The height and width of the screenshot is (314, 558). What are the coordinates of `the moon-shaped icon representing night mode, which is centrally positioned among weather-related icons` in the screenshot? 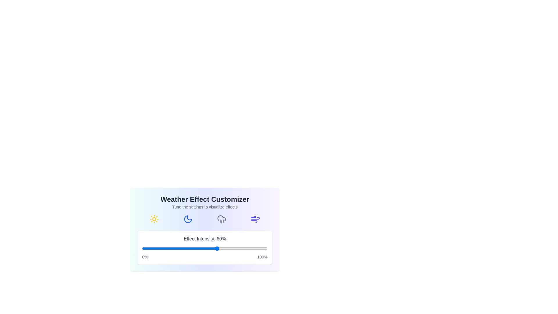 It's located at (188, 219).